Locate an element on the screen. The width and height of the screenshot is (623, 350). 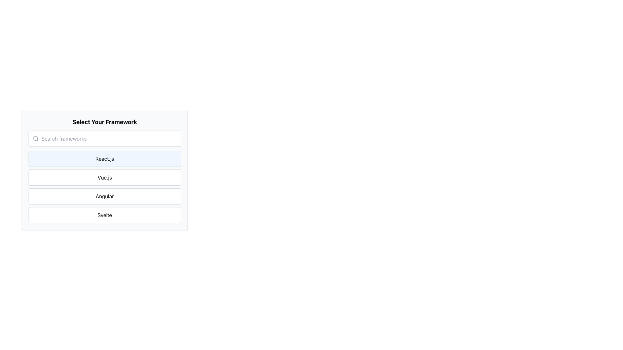
the 'React.js' button, the first item in a vertical list of programming frameworks is located at coordinates (104, 158).